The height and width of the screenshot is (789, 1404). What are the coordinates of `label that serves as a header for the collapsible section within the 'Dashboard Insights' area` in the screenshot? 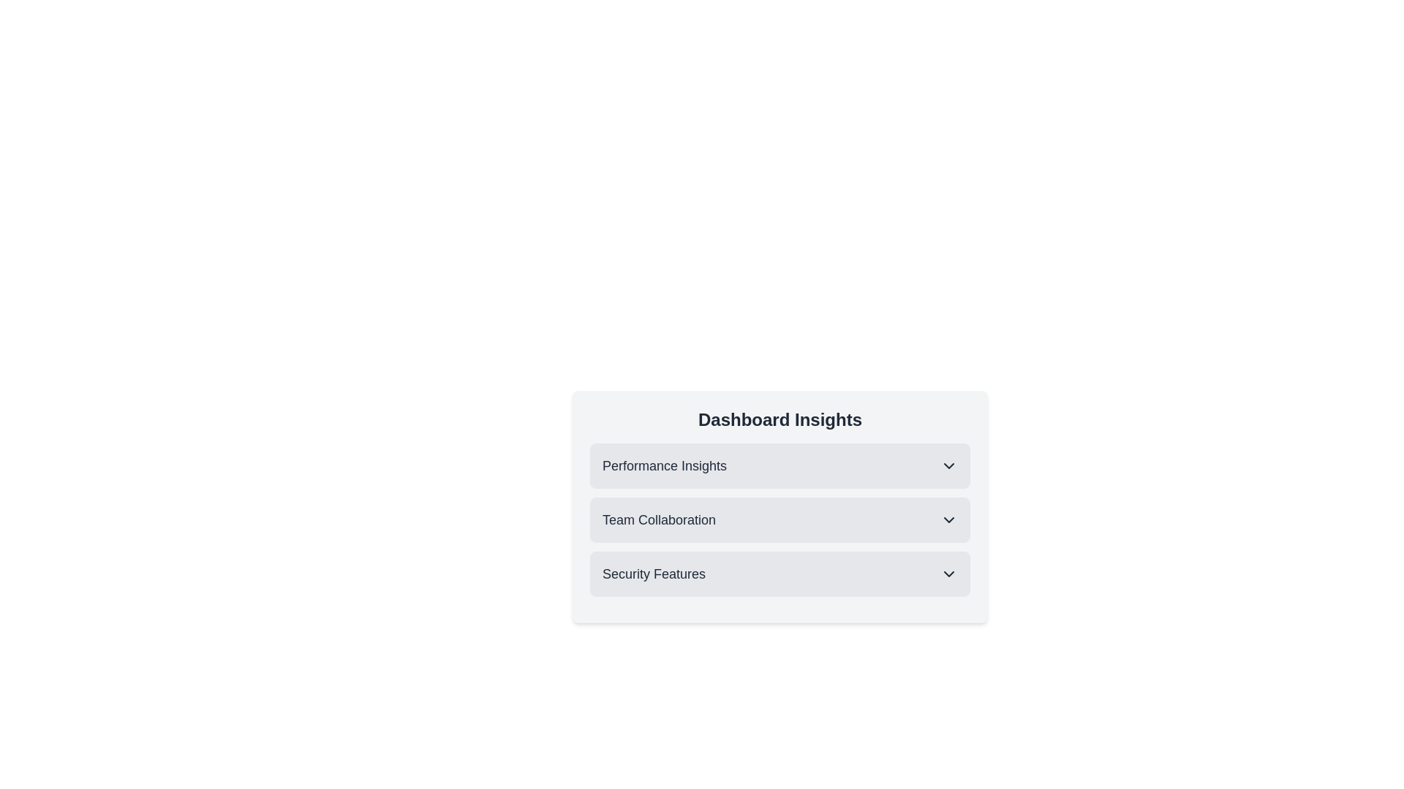 It's located at (664, 465).